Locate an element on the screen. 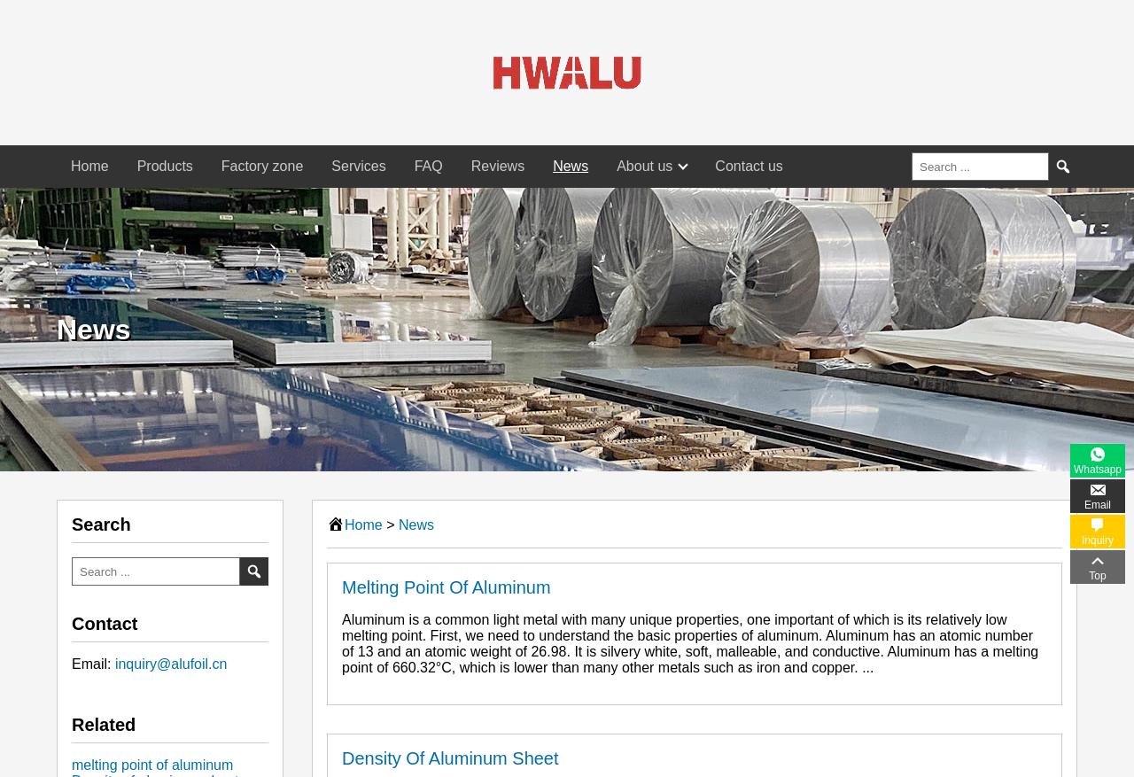 Image resolution: width=1134 pixels, height=777 pixels. 'Contact' is located at coordinates (104, 622).